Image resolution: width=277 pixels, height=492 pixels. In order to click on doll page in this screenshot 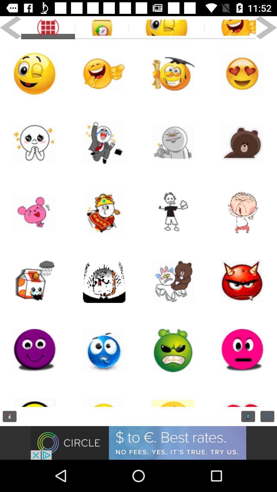, I will do `click(242, 350)`.